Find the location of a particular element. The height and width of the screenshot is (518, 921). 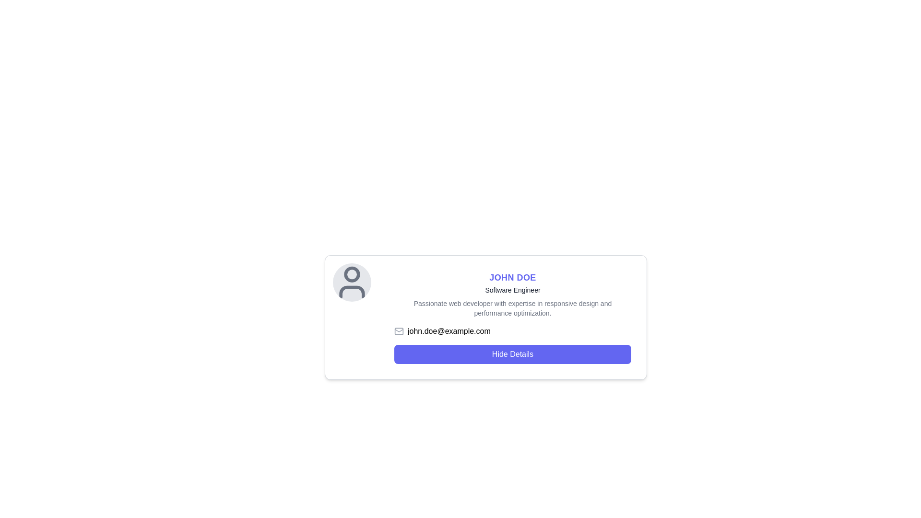

the small circular feature of the user profile icon located at the center of the icon on the left side of the user details card is located at coordinates (352, 274).